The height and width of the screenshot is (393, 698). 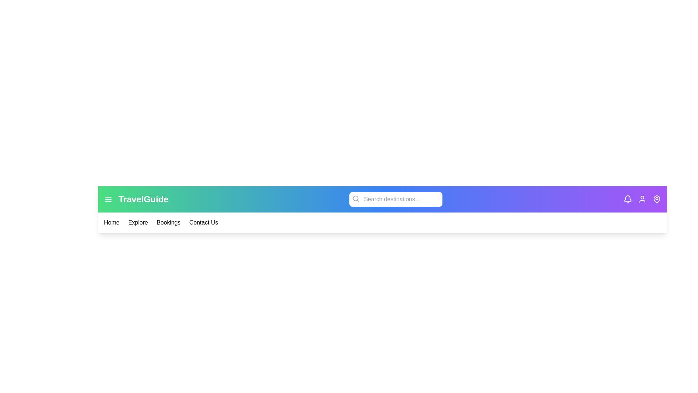 What do you see at coordinates (642, 199) in the screenshot?
I see `the user icon to open the user profile or settings` at bounding box center [642, 199].